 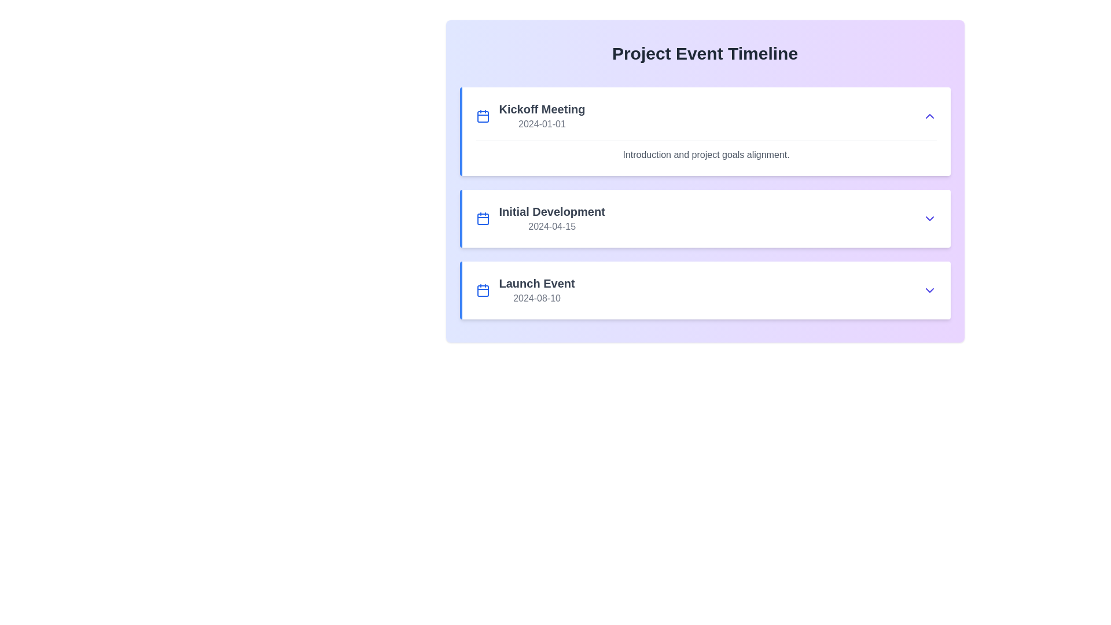 I want to click on the Event Information Display labeled 'Initial Development' which shows the date '2024-04-15', located in the middle event card of the 'Project Event Timeline' interface, so click(x=540, y=219).